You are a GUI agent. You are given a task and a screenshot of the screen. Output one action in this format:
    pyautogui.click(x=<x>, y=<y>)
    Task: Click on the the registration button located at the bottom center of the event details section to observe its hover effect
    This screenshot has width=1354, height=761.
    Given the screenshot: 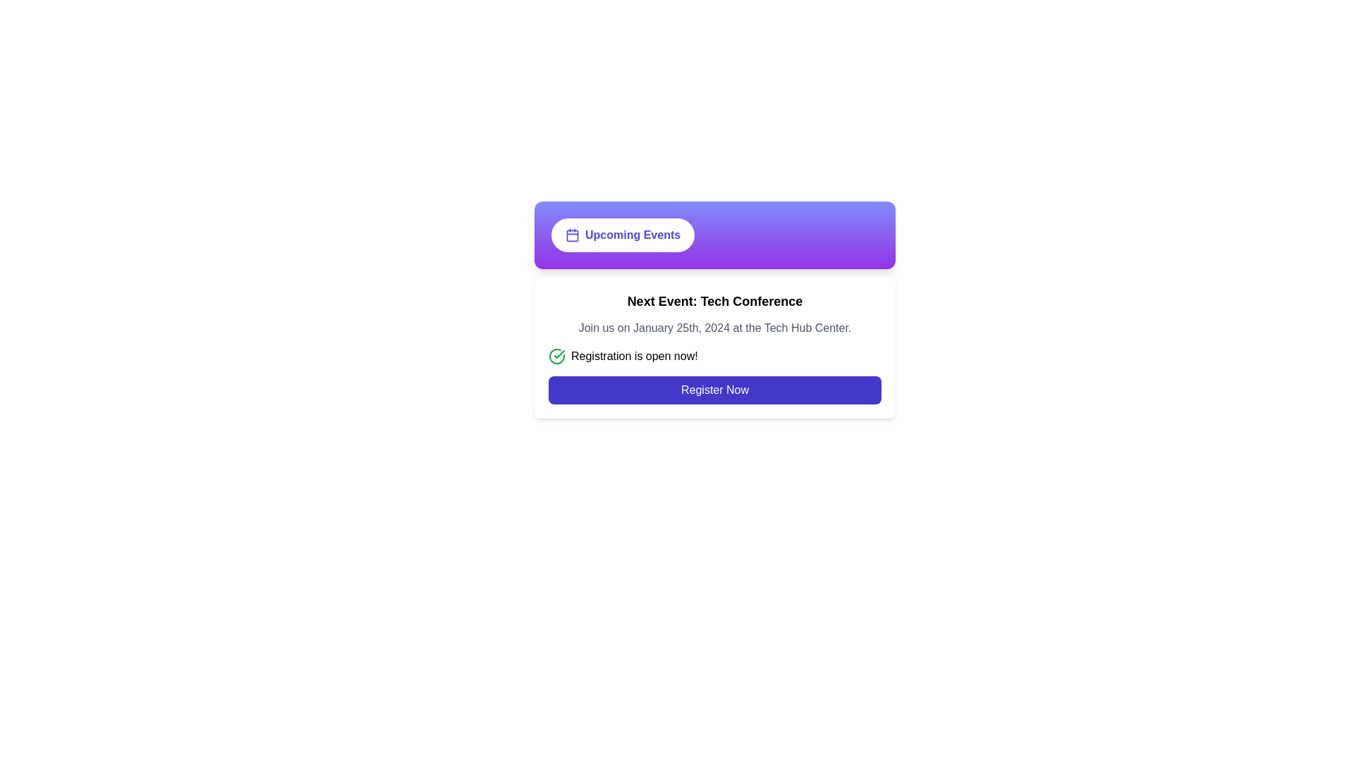 What is the action you would take?
    pyautogui.click(x=714, y=390)
    